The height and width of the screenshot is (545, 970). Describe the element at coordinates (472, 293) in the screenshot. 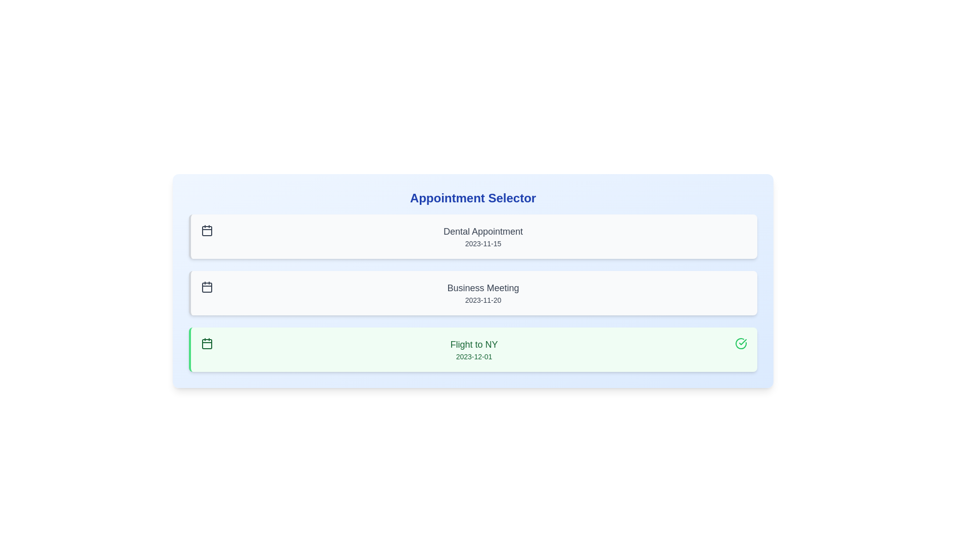

I see `the appointment labeled 'Business Meeting' to observe its hover effect` at that location.